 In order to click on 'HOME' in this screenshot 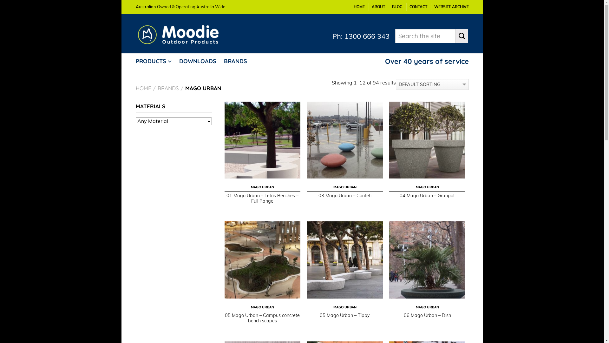, I will do `click(359, 7)`.